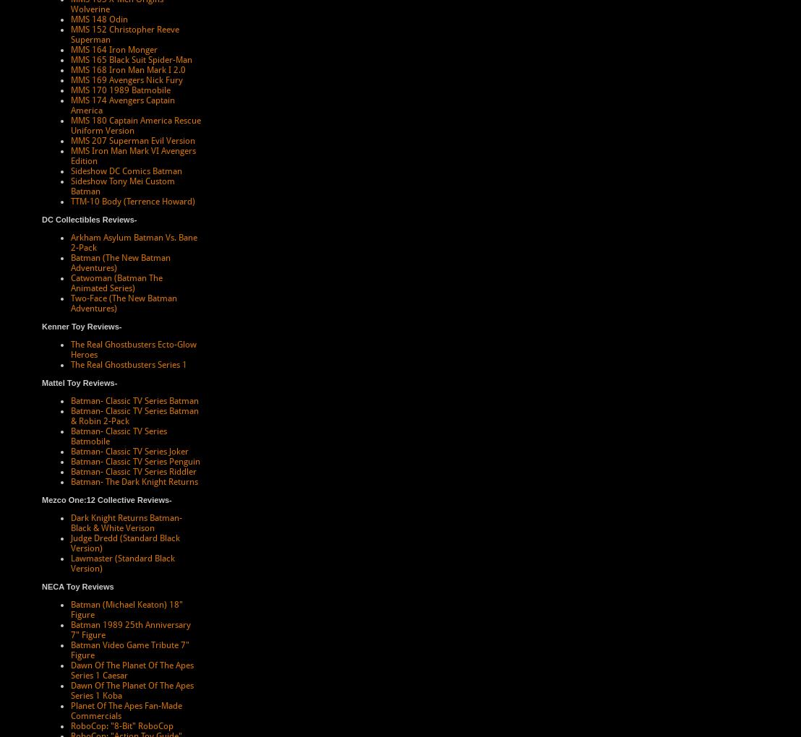  Describe the element at coordinates (121, 726) in the screenshot. I see `'RoboCop: "8-Bit" RoboCop'` at that location.